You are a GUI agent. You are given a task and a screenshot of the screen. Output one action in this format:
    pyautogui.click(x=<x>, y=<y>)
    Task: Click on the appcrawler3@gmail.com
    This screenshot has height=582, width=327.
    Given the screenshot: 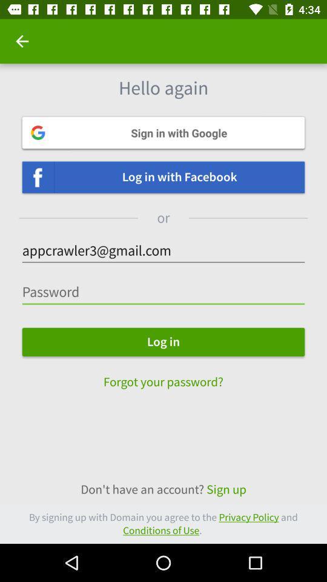 What is the action you would take?
    pyautogui.click(x=163, y=250)
    